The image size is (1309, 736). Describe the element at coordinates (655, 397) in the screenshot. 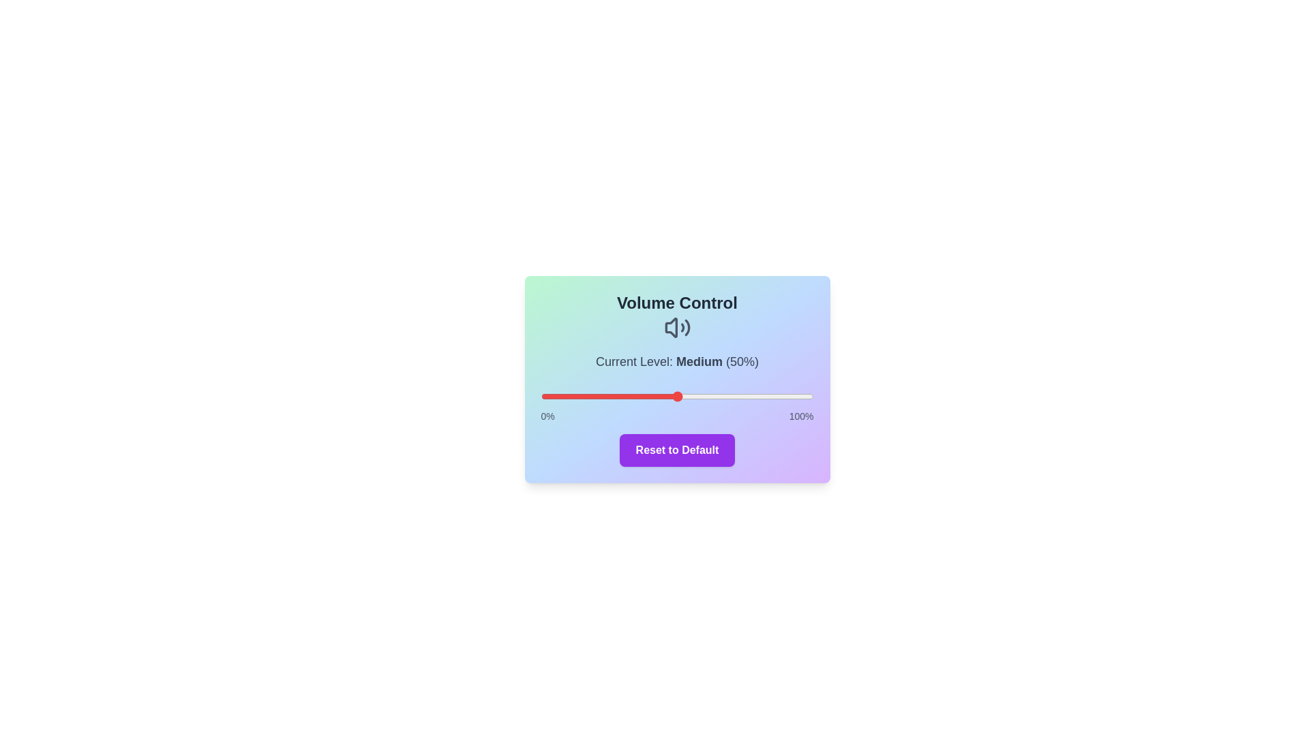

I see `the volume to 42% by dragging the slider` at that location.